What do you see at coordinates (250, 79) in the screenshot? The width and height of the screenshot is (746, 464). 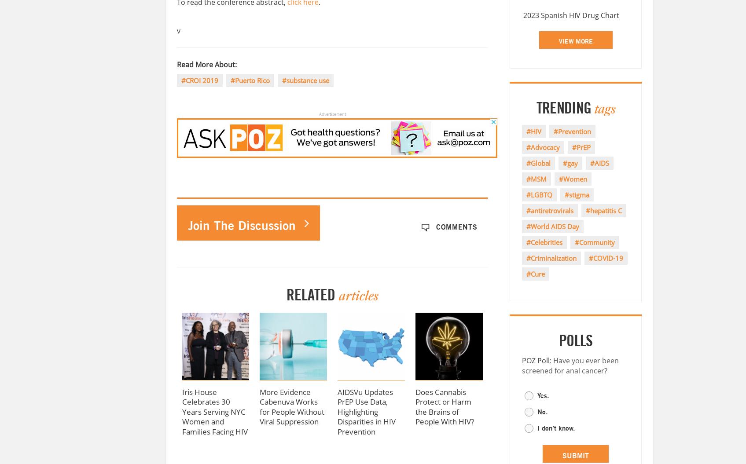 I see `'#Puerto Rico'` at bounding box center [250, 79].